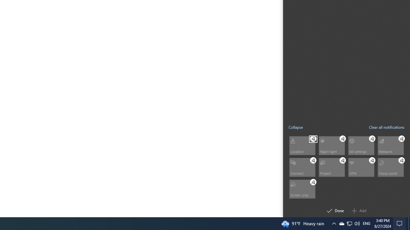 The width and height of the screenshot is (410, 230). Describe the element at coordinates (366, 223) in the screenshot. I see `'Tray Input Indicator - English (United States)'` at that location.